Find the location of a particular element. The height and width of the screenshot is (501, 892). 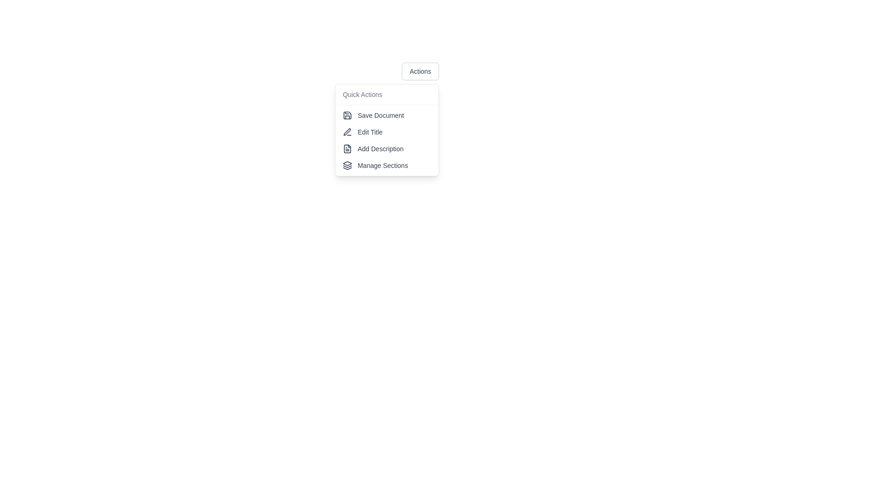

the 'Manage Sections' menu item, which is the fourth item in the vertical dropdown menu under 'Quick Actions' is located at coordinates (387, 165).